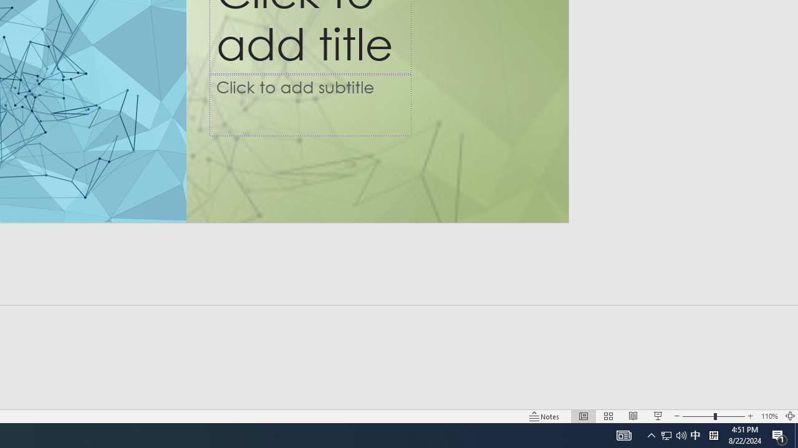  I want to click on 'Notes ', so click(545, 416).